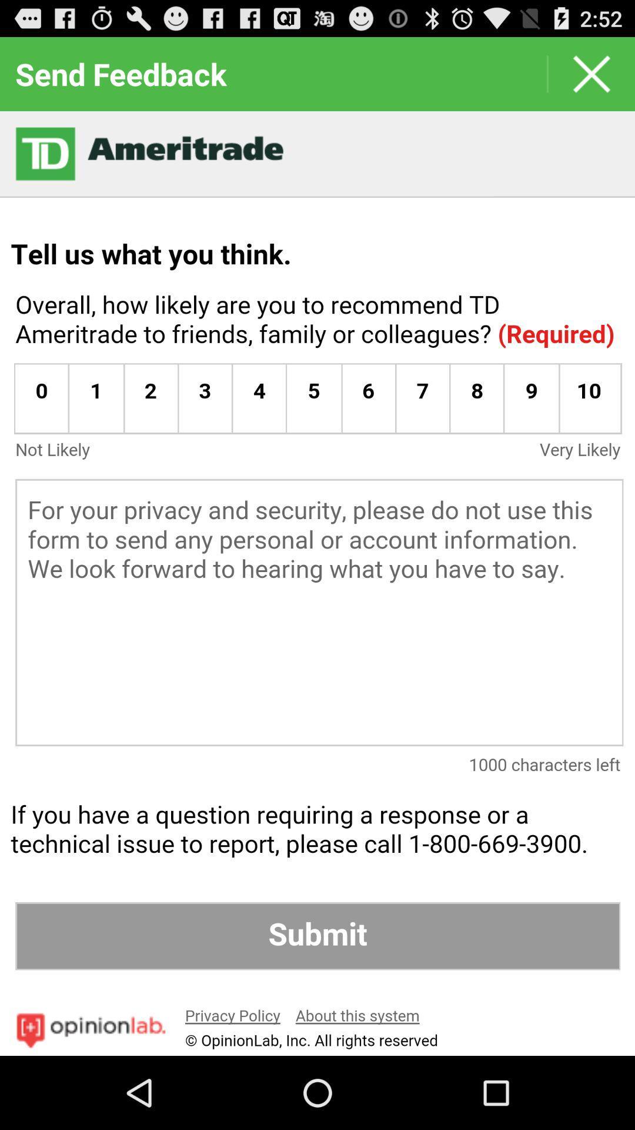 The height and width of the screenshot is (1130, 635). Describe the element at coordinates (591, 73) in the screenshot. I see `the button is used to close the page` at that location.